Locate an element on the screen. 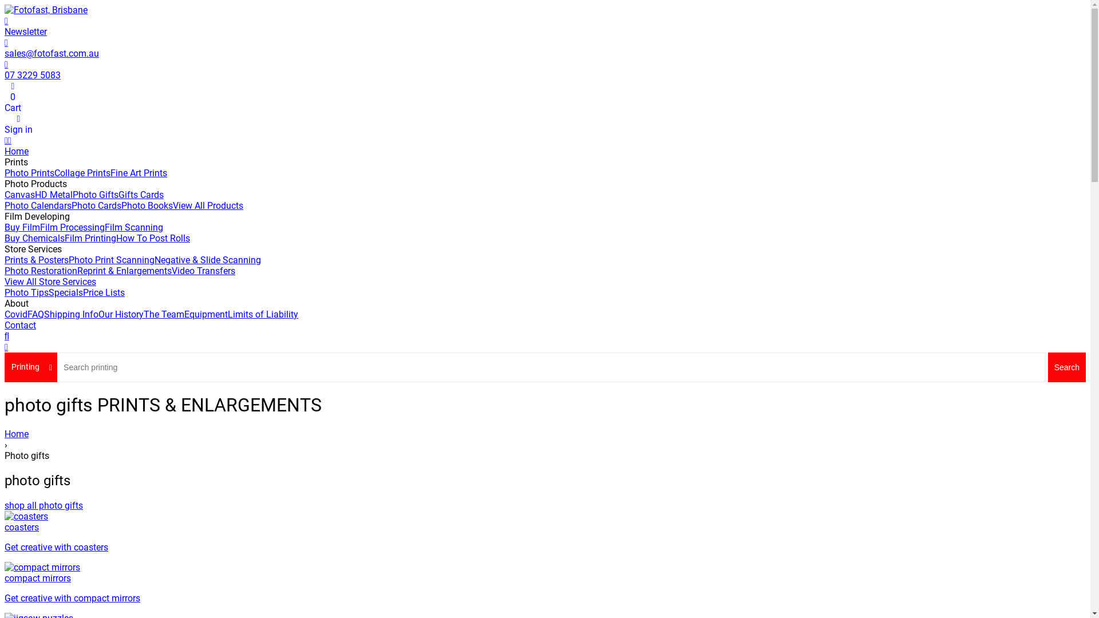  'Buy Film' is located at coordinates (22, 227).